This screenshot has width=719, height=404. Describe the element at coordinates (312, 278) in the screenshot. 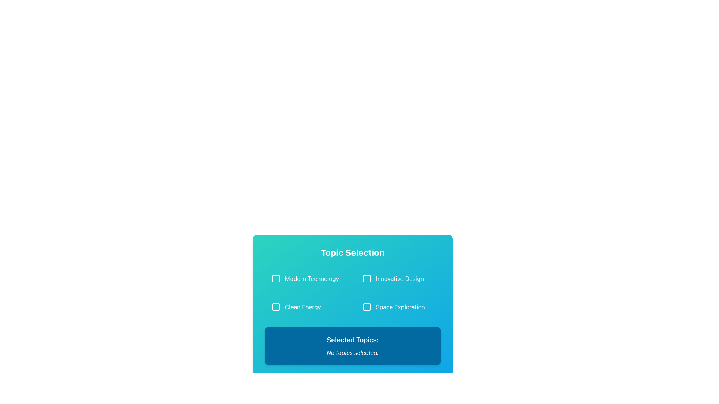

I see `the 'Modern Technology' text label located in the first row under 'Topic Selection'` at that location.